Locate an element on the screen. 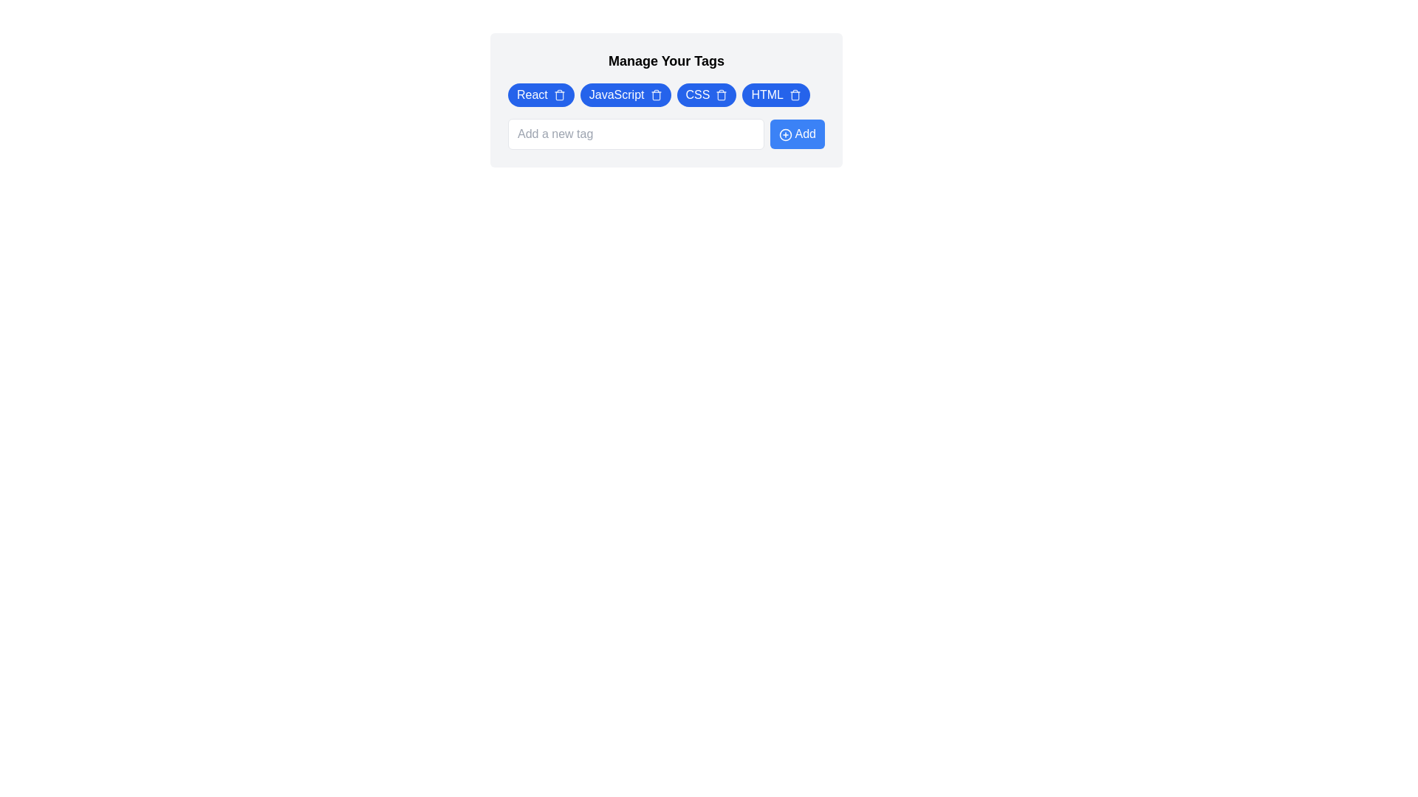 Image resolution: width=1418 pixels, height=797 pixels. the trash can icon's rectangular body outline located next to the 'CSS' tag label in the 'Manage Your Tags' section is located at coordinates (722, 96).